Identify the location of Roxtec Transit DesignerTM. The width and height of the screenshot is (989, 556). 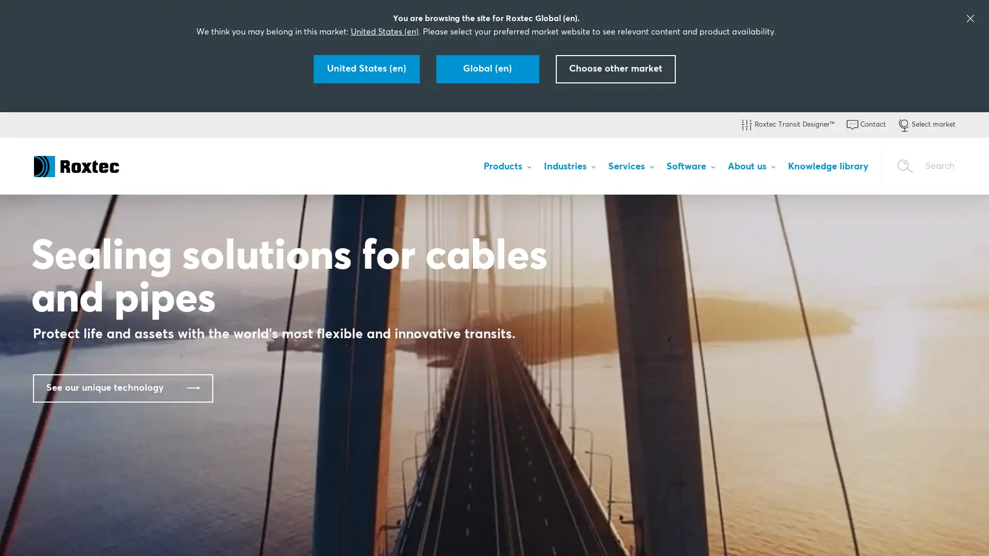
(786, 125).